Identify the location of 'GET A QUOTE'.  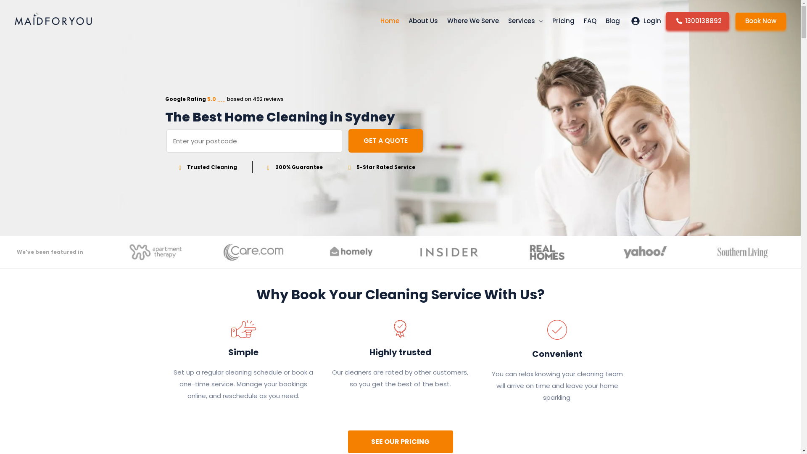
(385, 140).